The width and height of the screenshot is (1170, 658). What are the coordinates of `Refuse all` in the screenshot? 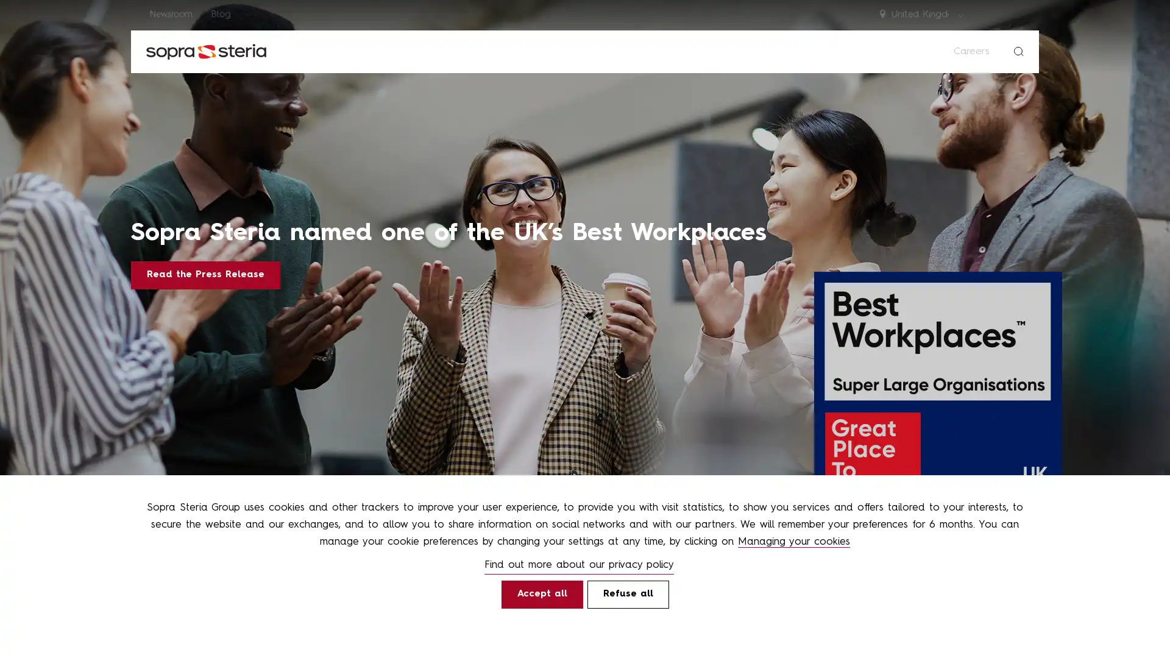 It's located at (628, 593).